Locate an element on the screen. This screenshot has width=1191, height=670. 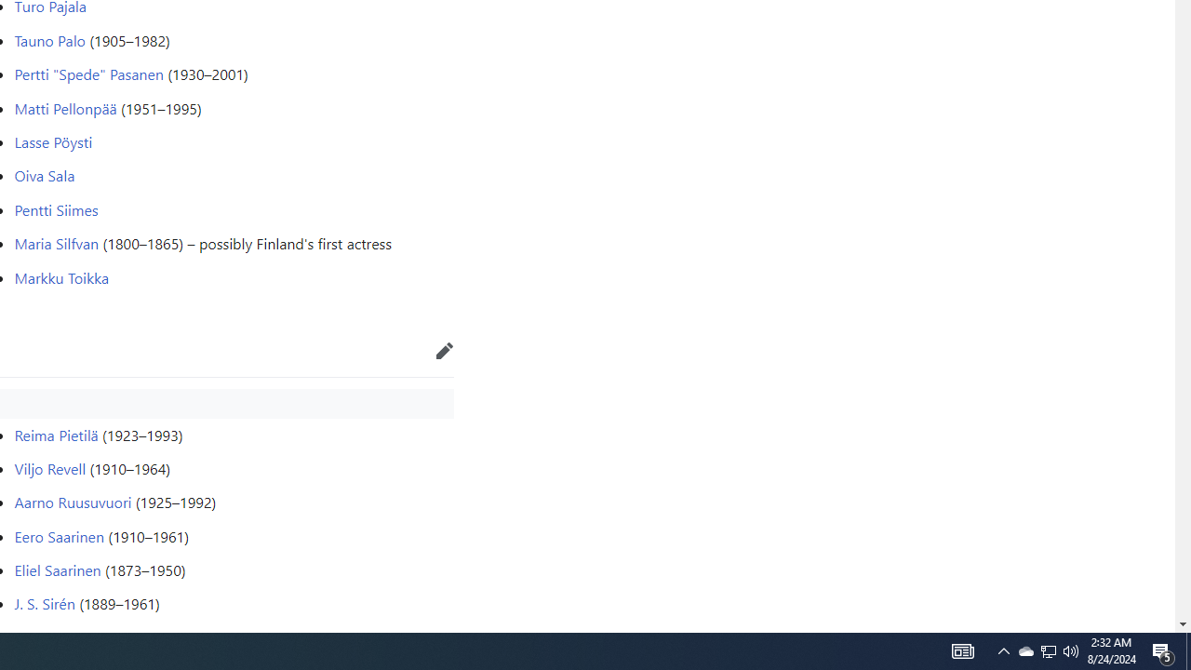
'Aarno Ruusuvuori' is located at coordinates (73, 502).